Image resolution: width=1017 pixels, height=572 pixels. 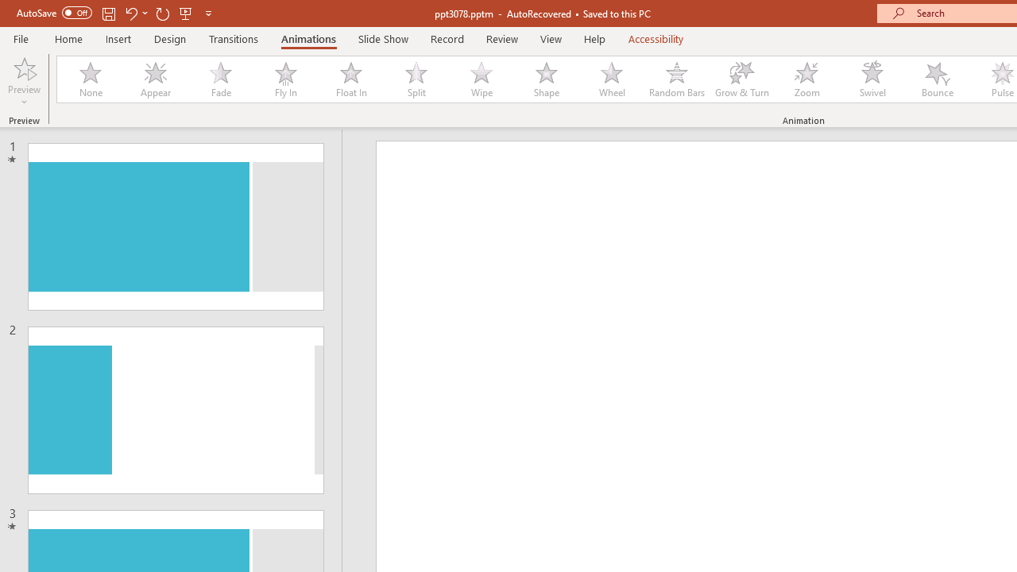 What do you see at coordinates (89, 79) in the screenshot?
I see `'None'` at bounding box center [89, 79].